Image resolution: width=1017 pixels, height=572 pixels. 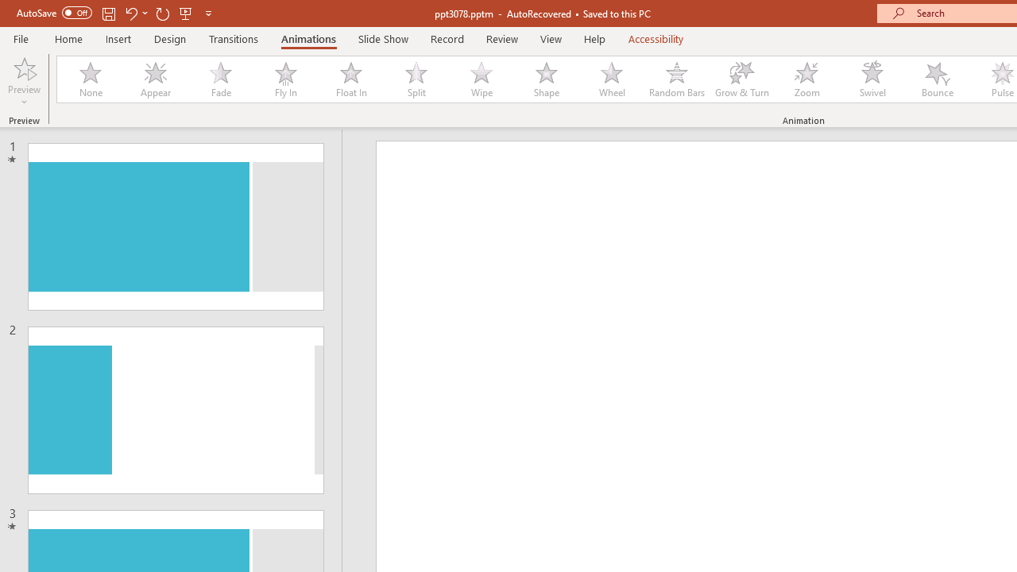 What do you see at coordinates (89, 79) in the screenshot?
I see `'None'` at bounding box center [89, 79].